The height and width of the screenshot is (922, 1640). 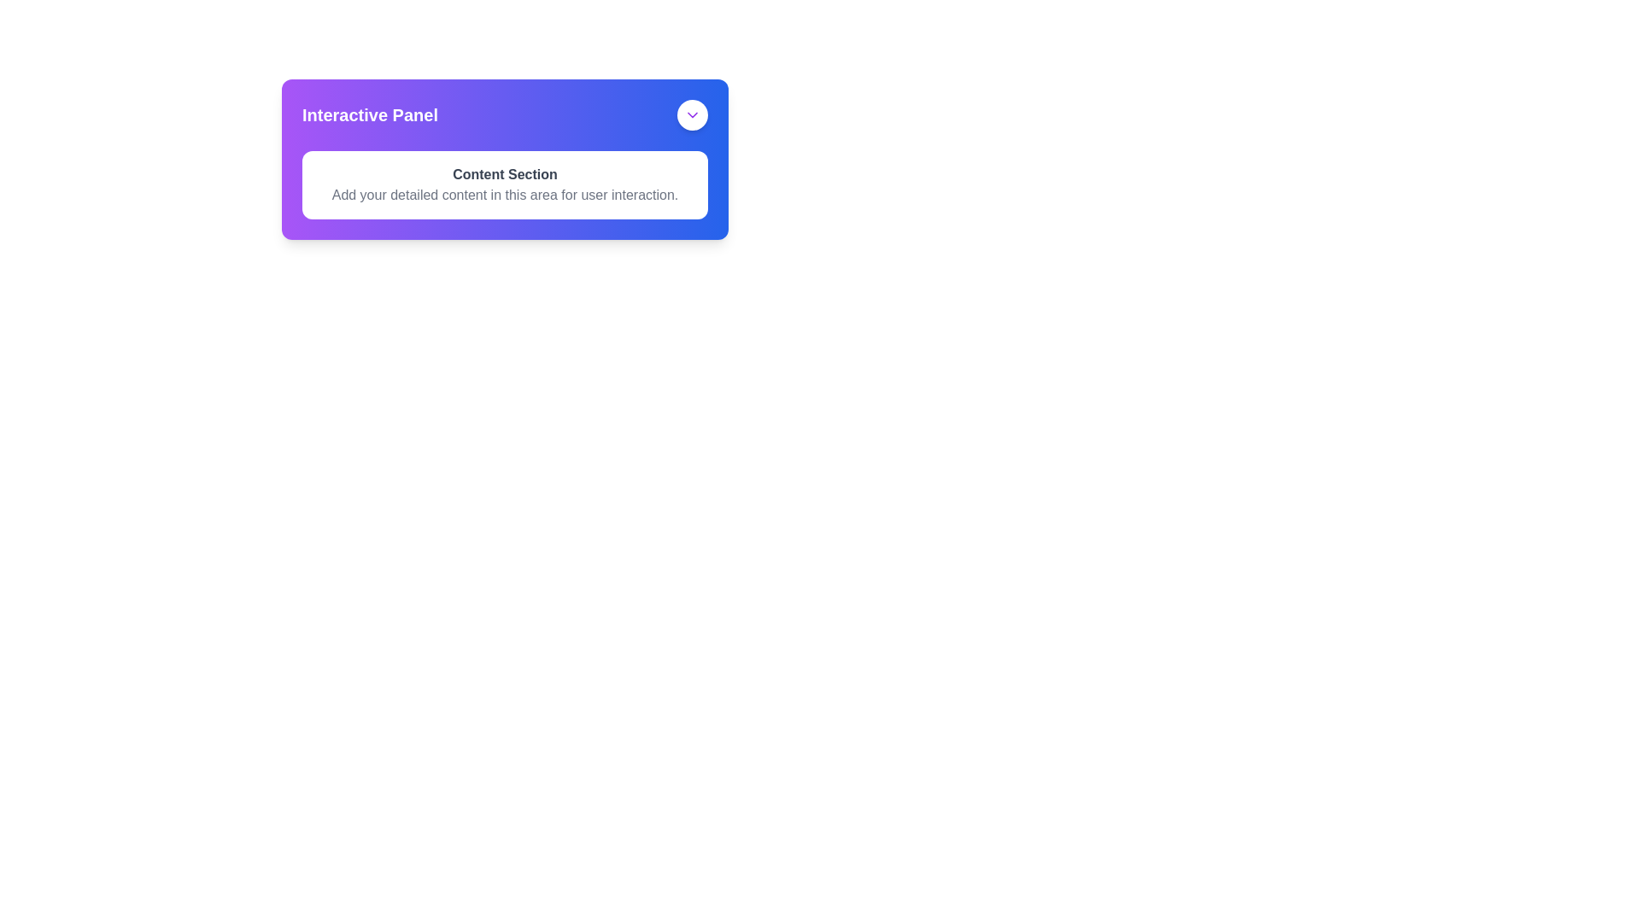 What do you see at coordinates (504, 184) in the screenshot?
I see `the static content card located within the purple-to-blue gradient panel, positioned centrally below the panel's title` at bounding box center [504, 184].